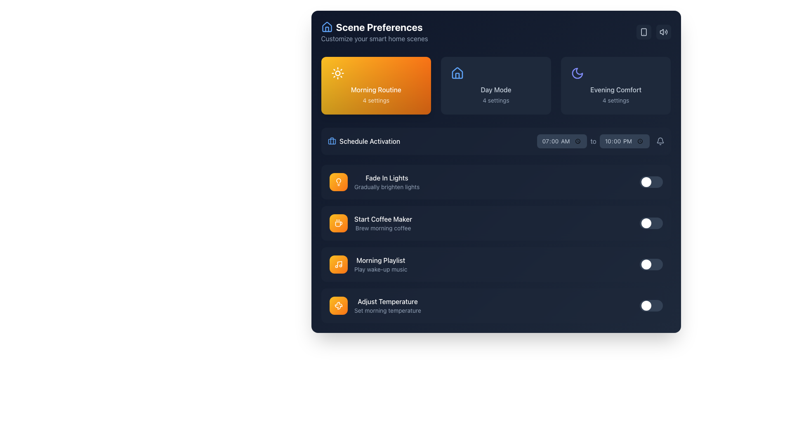  What do you see at coordinates (338, 264) in the screenshot?
I see `the button for the 'Morning Playlist' feature` at bounding box center [338, 264].